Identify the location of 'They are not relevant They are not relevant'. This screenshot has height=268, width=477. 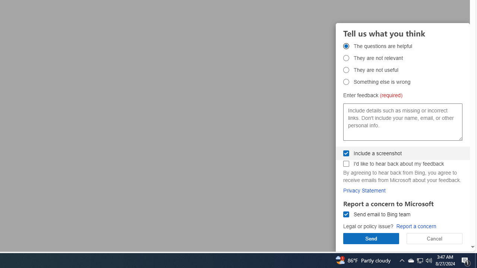
(346, 58).